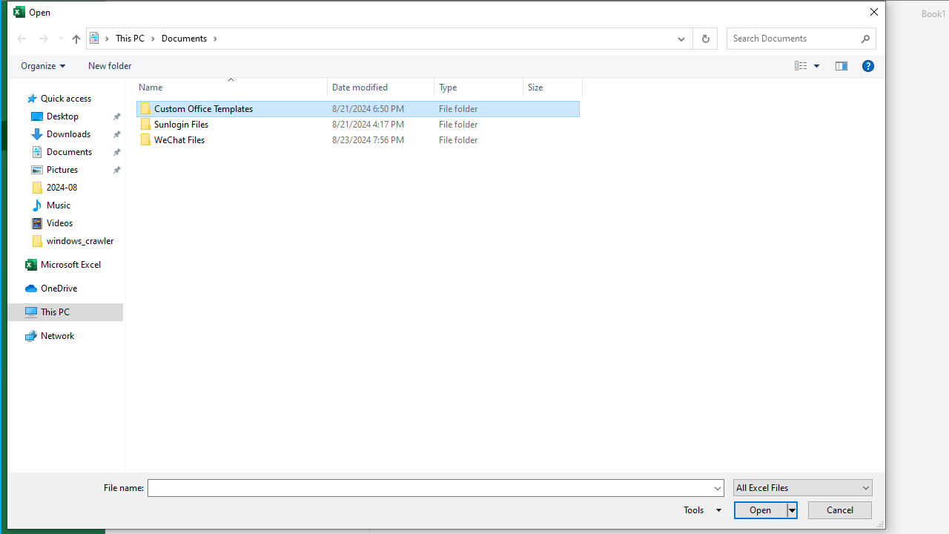 This screenshot has width=949, height=534. What do you see at coordinates (59, 37) in the screenshot?
I see `'Recent locations'` at bounding box center [59, 37].